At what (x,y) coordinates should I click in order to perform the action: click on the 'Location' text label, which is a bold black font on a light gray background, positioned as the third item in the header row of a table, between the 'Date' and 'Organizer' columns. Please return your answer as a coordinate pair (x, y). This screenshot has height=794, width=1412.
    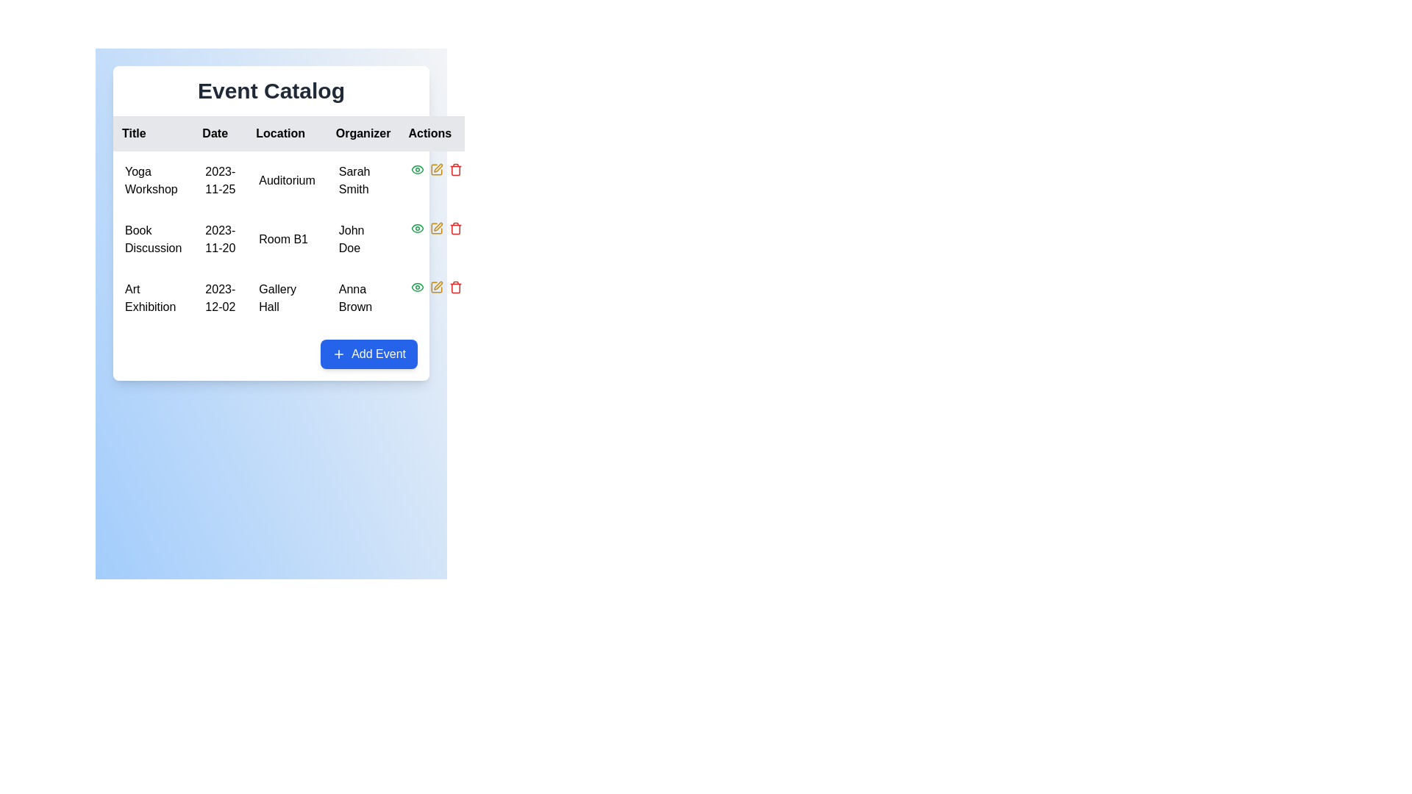
    Looking at the image, I should click on (287, 133).